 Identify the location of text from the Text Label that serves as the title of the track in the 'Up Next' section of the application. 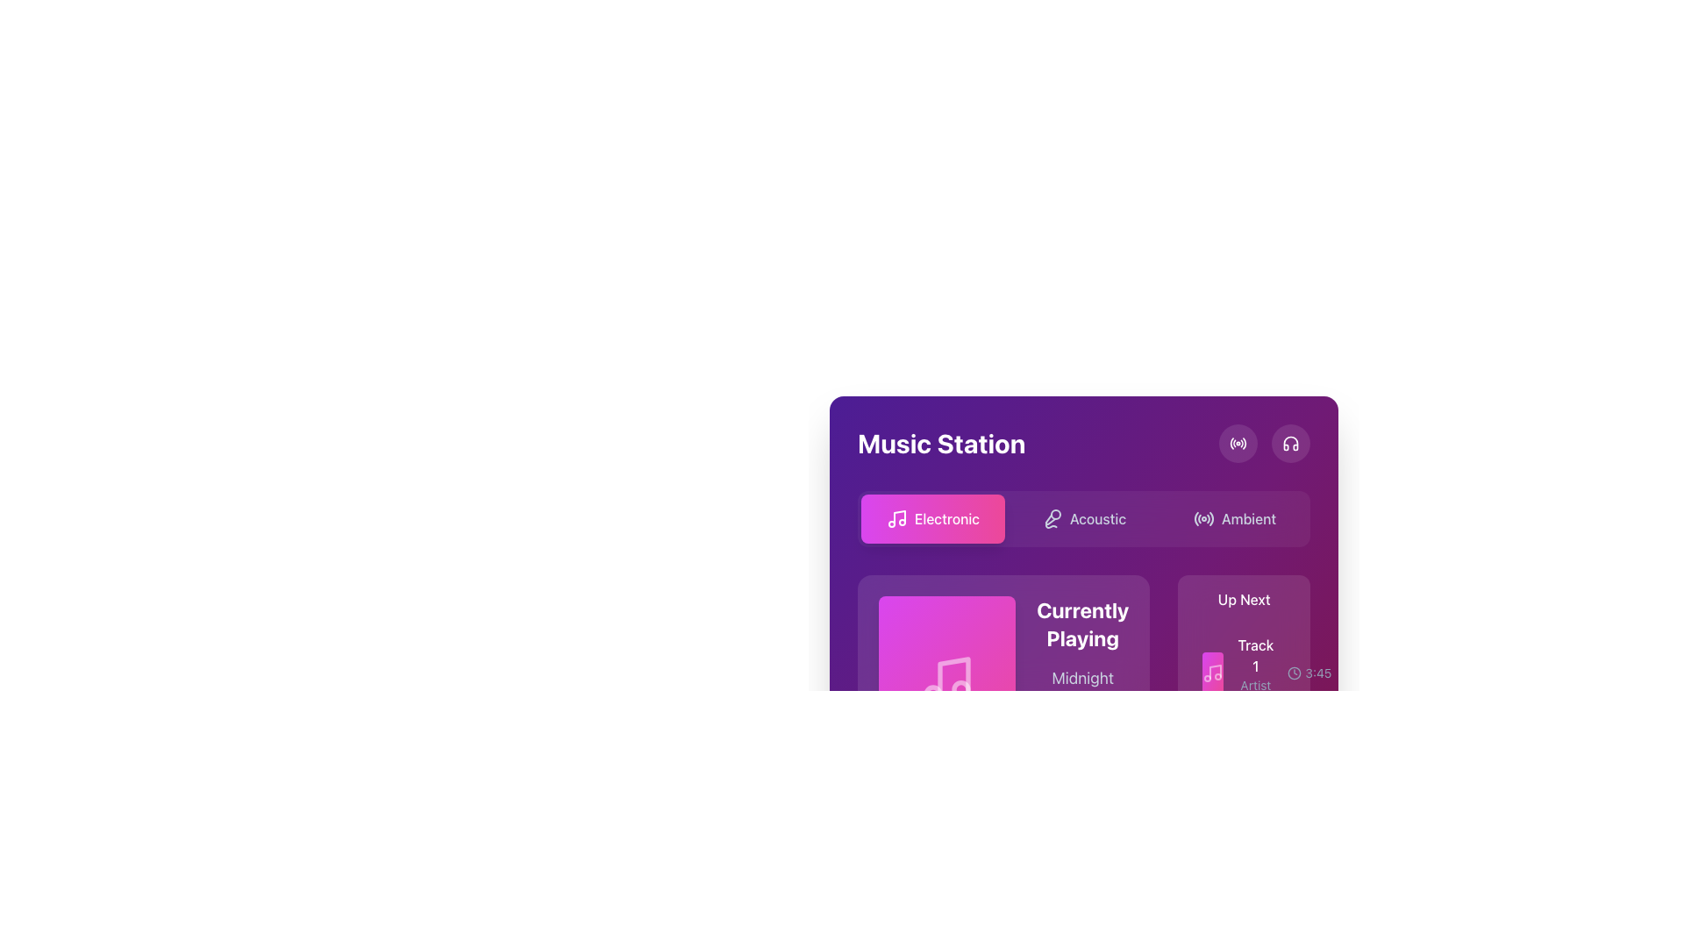
(1254, 656).